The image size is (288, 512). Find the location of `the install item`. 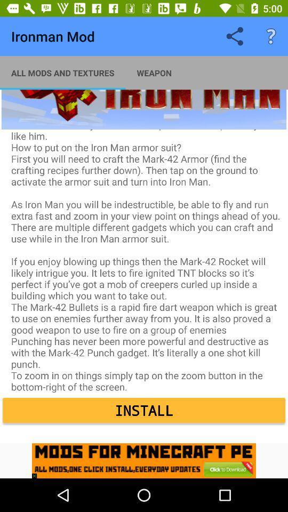

the install item is located at coordinates (144, 410).